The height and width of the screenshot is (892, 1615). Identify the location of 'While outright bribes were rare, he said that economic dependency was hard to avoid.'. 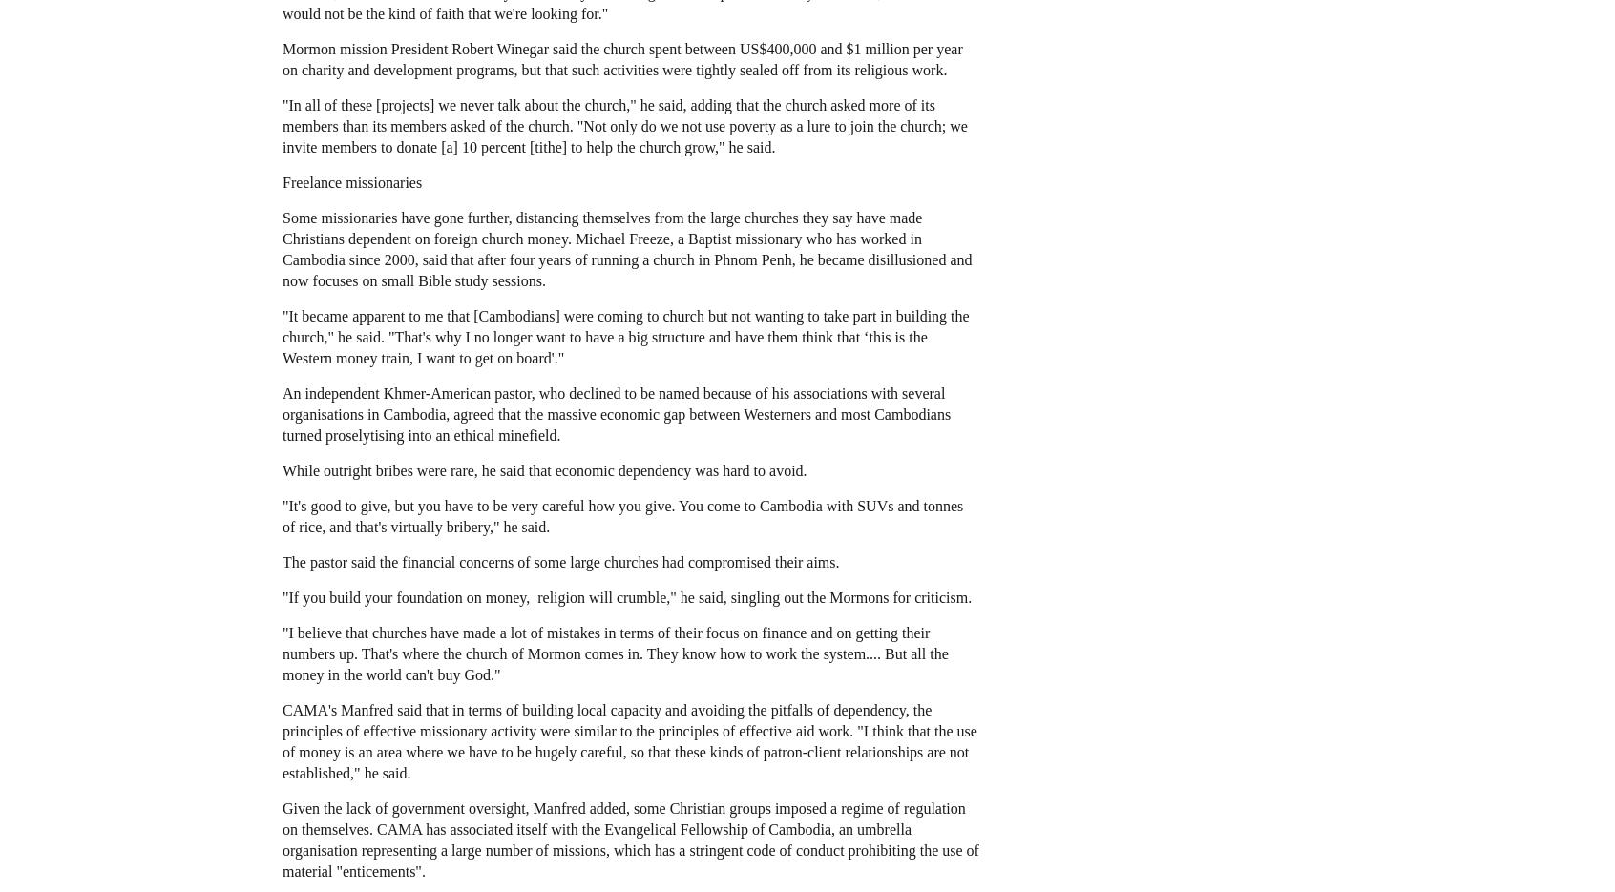
(543, 469).